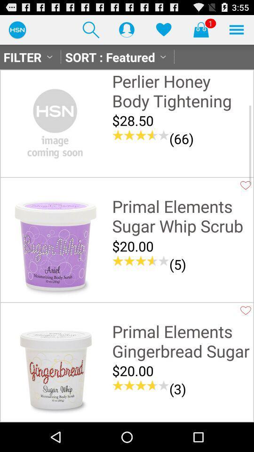 This screenshot has width=254, height=452. What do you see at coordinates (246, 185) in the screenshot?
I see `to favorites` at bounding box center [246, 185].